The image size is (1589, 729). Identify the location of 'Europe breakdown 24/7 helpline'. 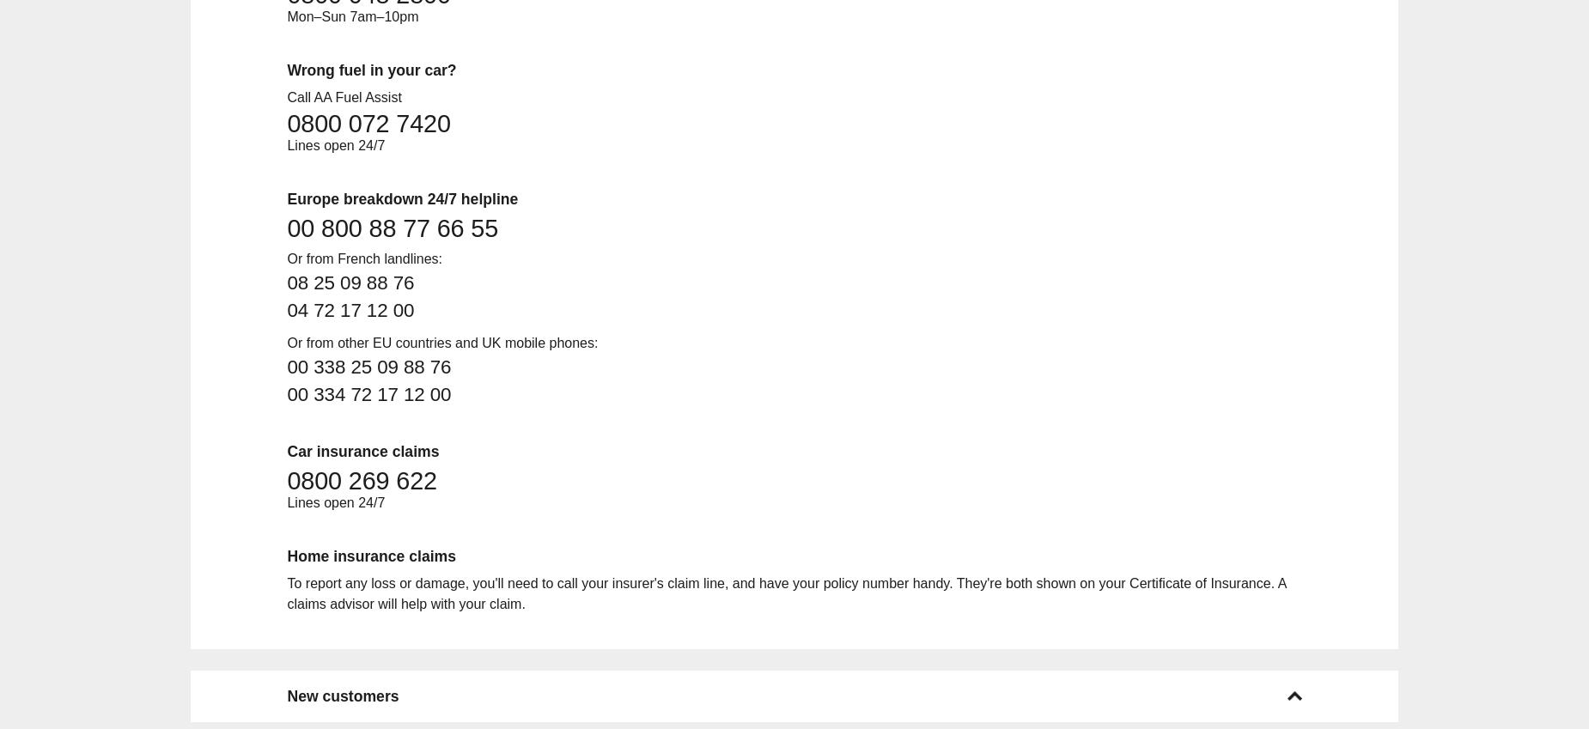
(402, 197).